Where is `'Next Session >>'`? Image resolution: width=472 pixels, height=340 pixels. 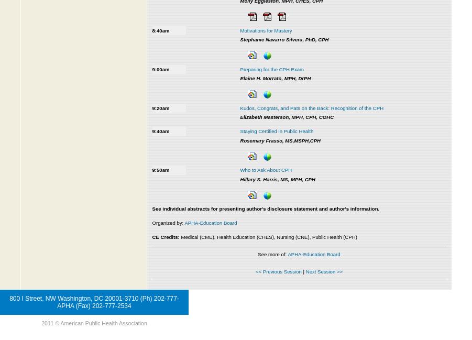 'Next Session >>' is located at coordinates (323, 271).